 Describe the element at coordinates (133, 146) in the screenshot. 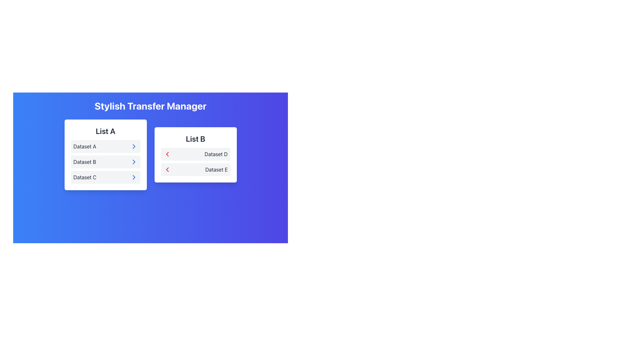

I see `the blue chevron button located in the first row under 'List A' adjacent to the label 'Dataset A' to interact with it` at that location.